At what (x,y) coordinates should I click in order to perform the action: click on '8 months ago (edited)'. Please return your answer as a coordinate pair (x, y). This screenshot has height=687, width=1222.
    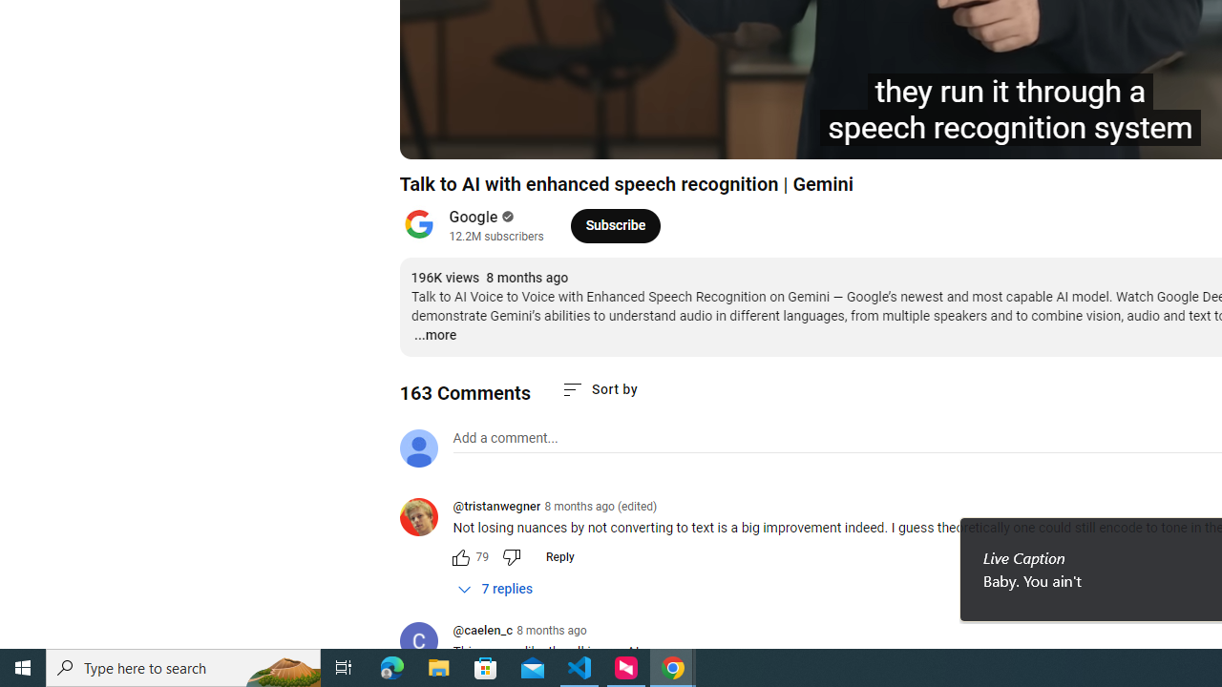
    Looking at the image, I should click on (600, 506).